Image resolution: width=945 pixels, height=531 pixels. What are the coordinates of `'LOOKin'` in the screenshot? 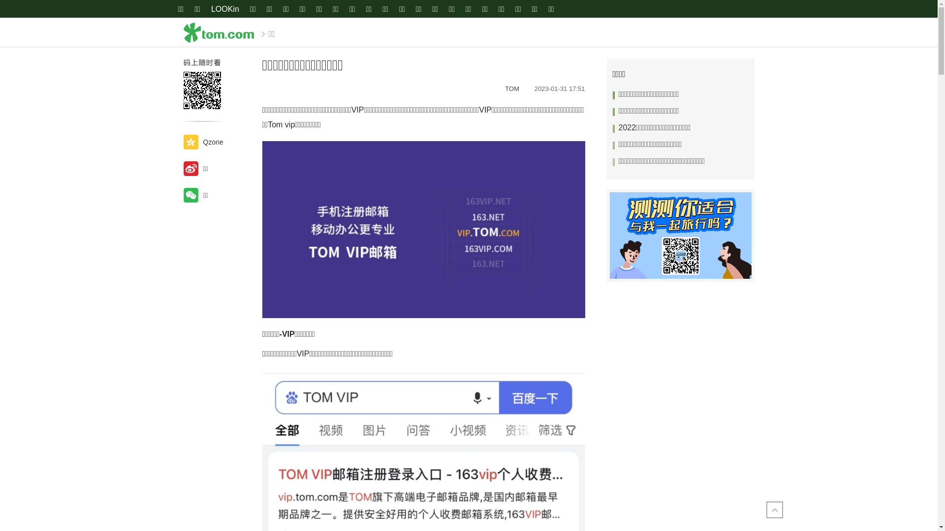 It's located at (209, 9).